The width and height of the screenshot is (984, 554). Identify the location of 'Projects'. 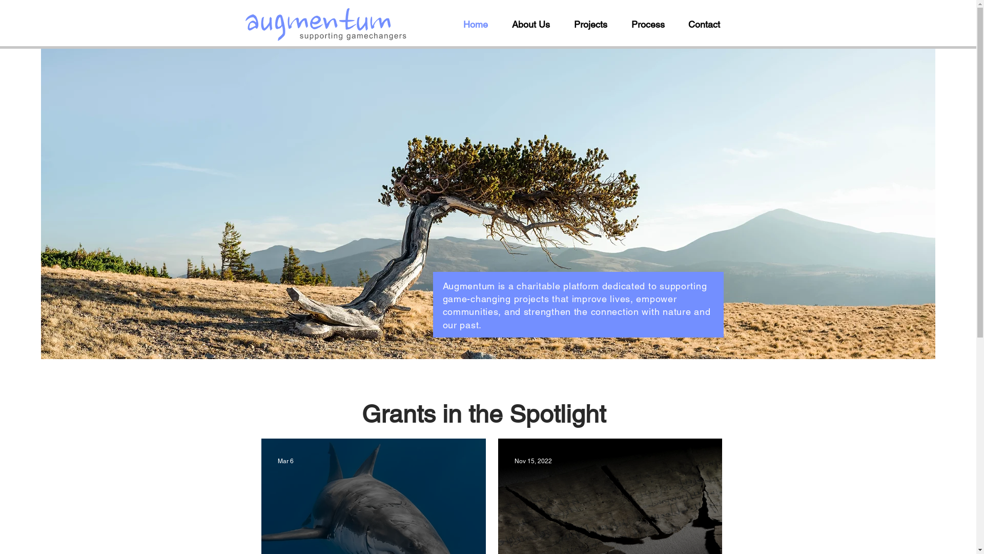
(565, 24).